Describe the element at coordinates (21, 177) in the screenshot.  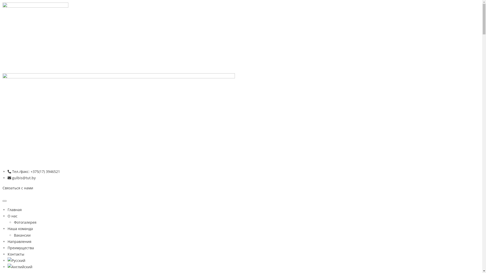
I see `'gulbis@tut.by'` at that location.